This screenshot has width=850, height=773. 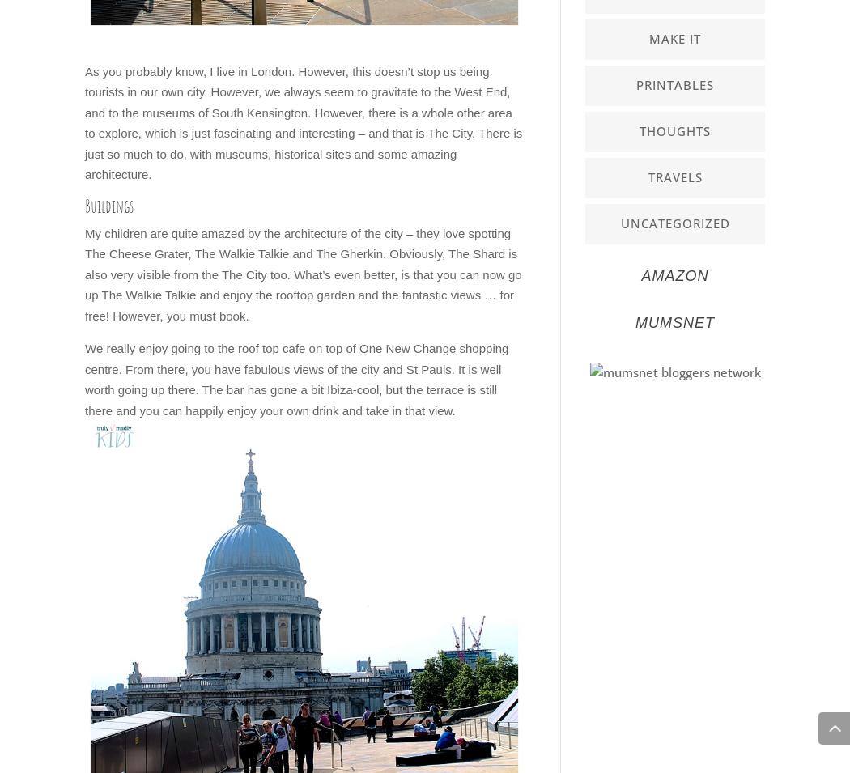 What do you see at coordinates (674, 176) in the screenshot?
I see `'Travels'` at bounding box center [674, 176].